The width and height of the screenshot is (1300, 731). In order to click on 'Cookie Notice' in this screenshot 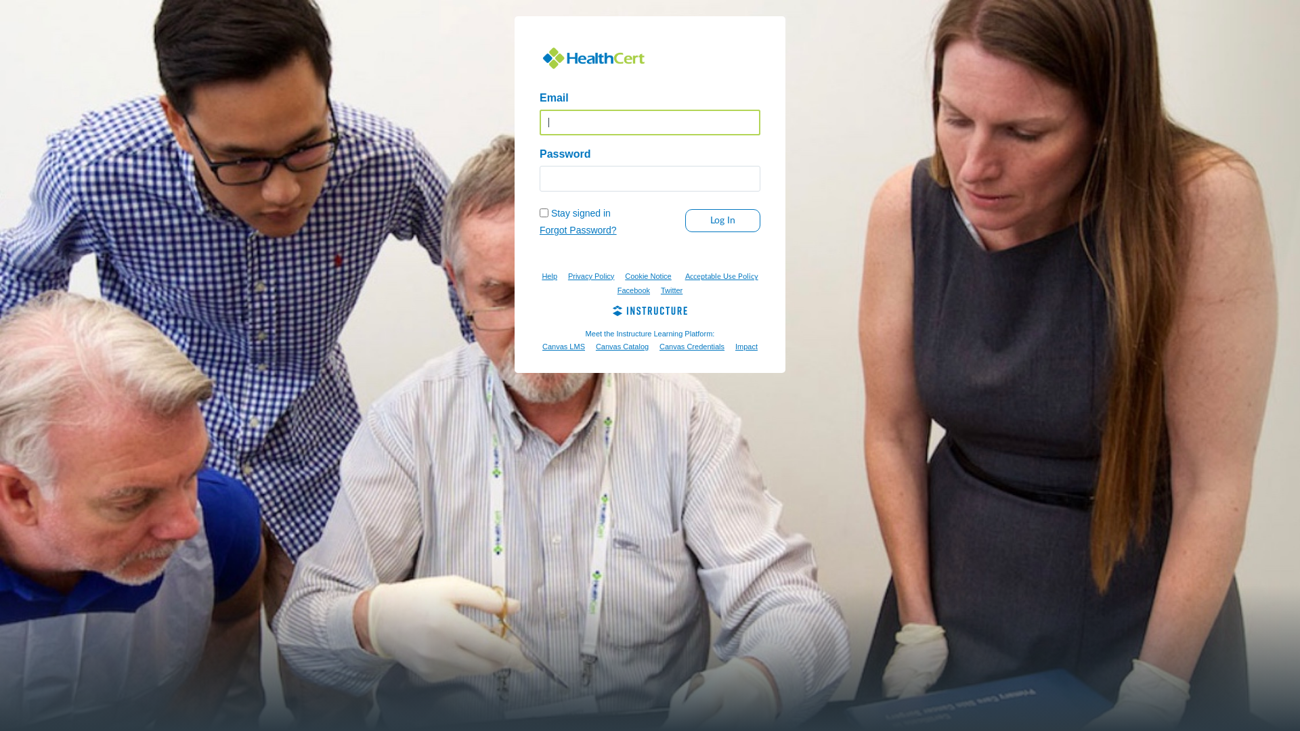, I will do `click(647, 275)`.